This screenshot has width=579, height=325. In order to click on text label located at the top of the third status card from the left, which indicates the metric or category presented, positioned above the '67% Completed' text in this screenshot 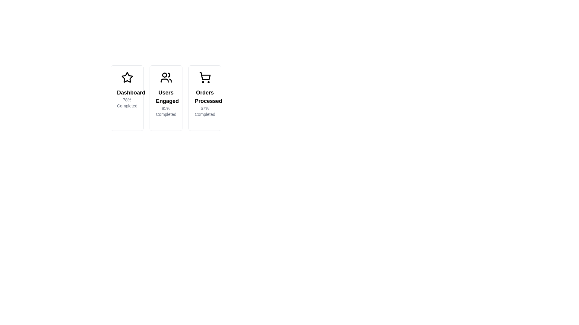, I will do `click(205, 96)`.